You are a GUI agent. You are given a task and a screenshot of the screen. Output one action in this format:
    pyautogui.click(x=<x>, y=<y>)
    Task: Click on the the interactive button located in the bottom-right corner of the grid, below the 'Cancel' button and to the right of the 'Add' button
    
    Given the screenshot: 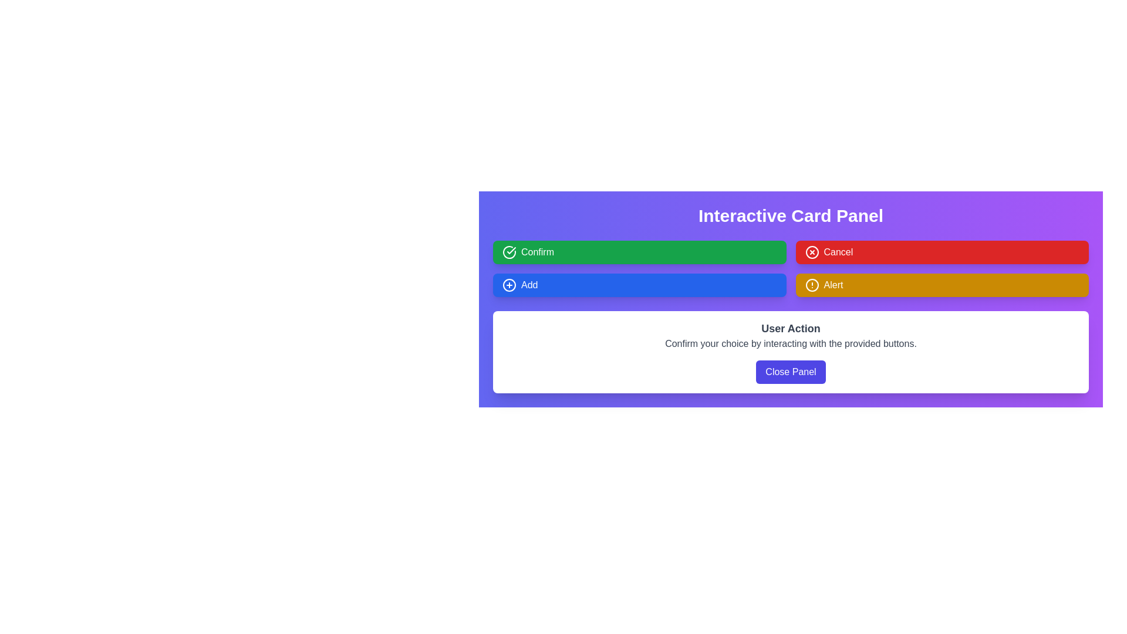 What is the action you would take?
    pyautogui.click(x=942, y=285)
    